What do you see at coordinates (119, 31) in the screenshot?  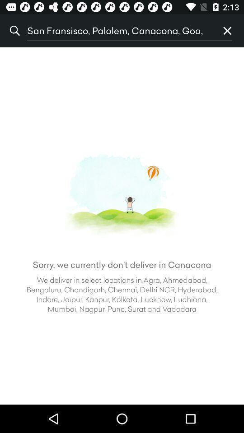 I see `icon next to the p icon` at bounding box center [119, 31].